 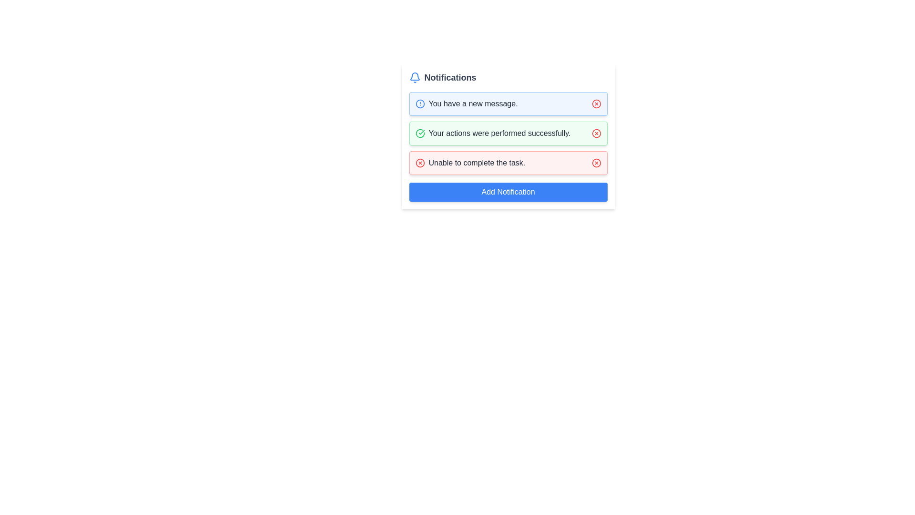 What do you see at coordinates (508, 163) in the screenshot?
I see `displayed text from the third notification alert, which has a red border and contains the message 'Unable to complete the task.'` at bounding box center [508, 163].